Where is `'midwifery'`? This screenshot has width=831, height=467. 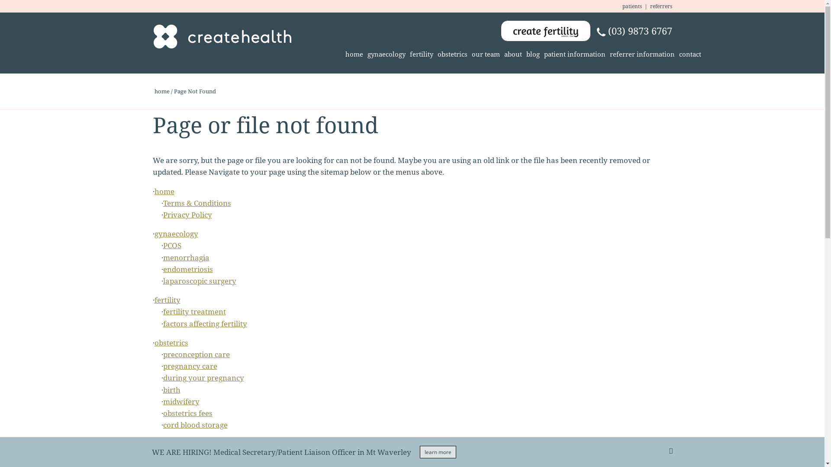 'midwifery' is located at coordinates (162, 401).